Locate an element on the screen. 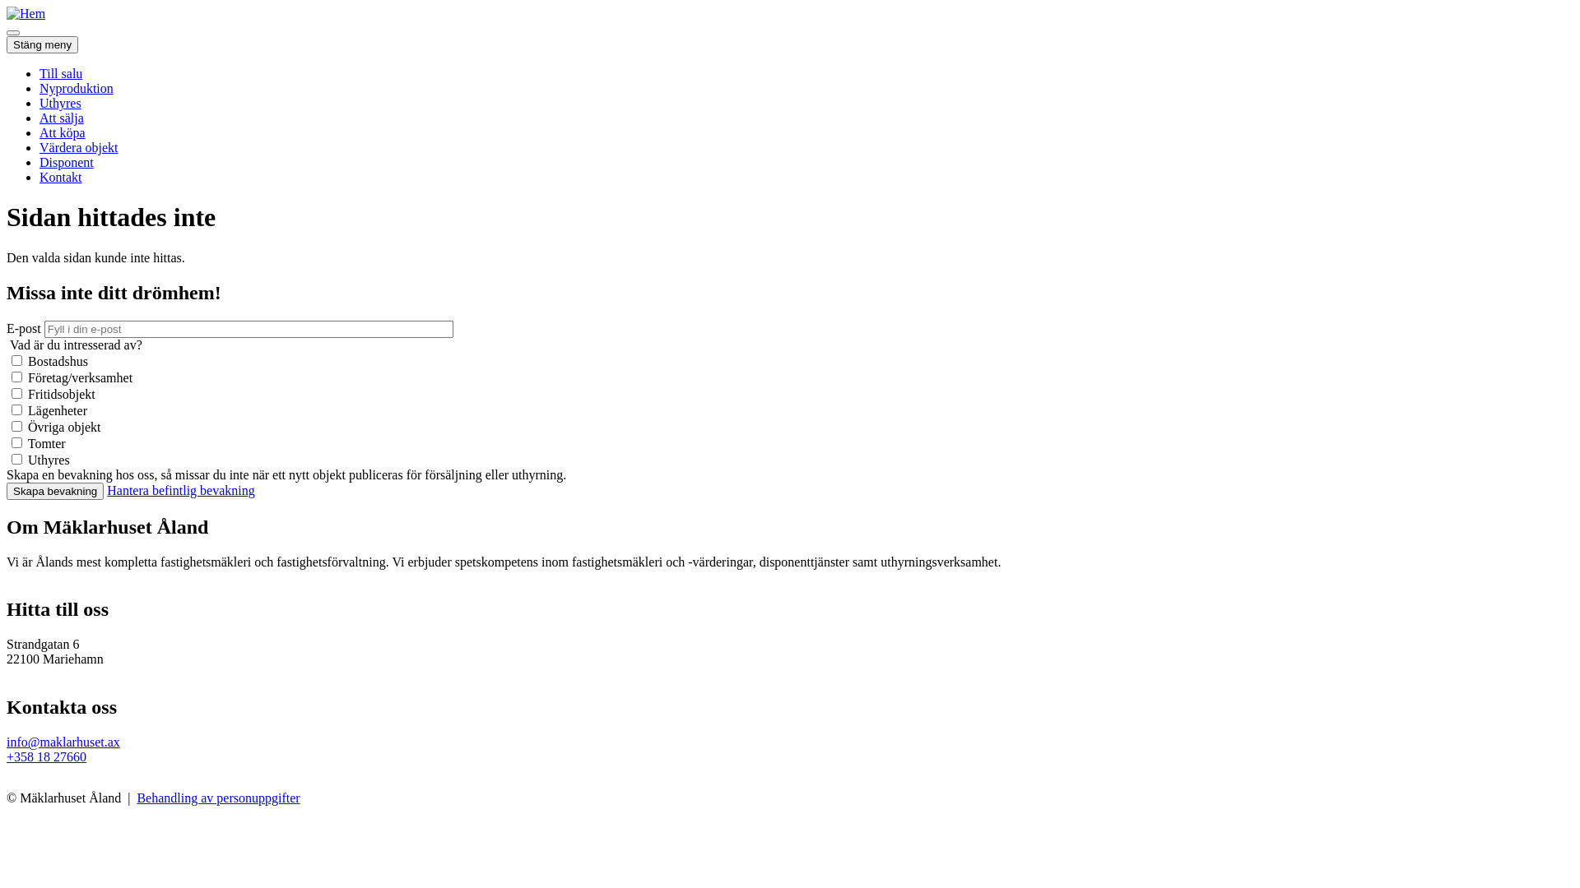  '+358 18 27660' is located at coordinates (46, 756).